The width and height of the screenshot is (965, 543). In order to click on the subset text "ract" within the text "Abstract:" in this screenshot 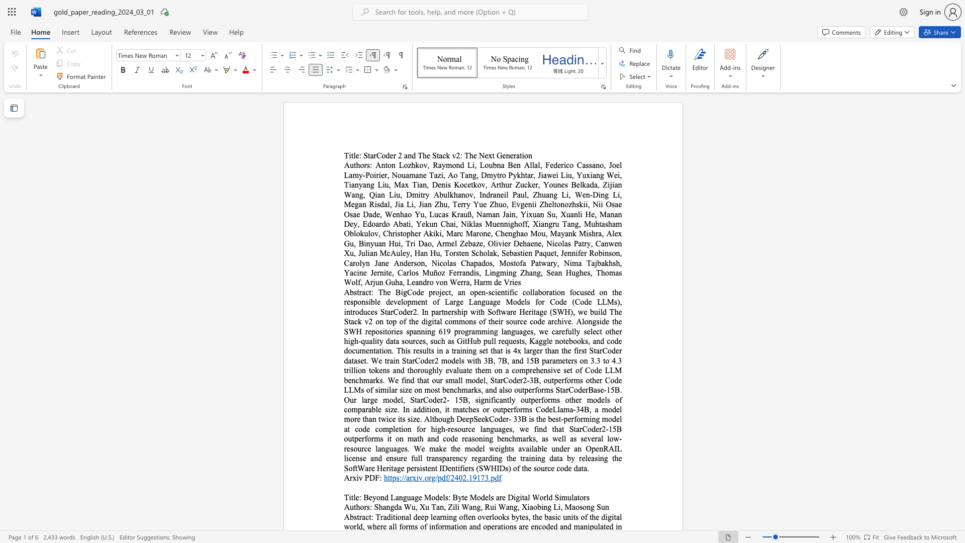, I will do `click(359, 517)`.